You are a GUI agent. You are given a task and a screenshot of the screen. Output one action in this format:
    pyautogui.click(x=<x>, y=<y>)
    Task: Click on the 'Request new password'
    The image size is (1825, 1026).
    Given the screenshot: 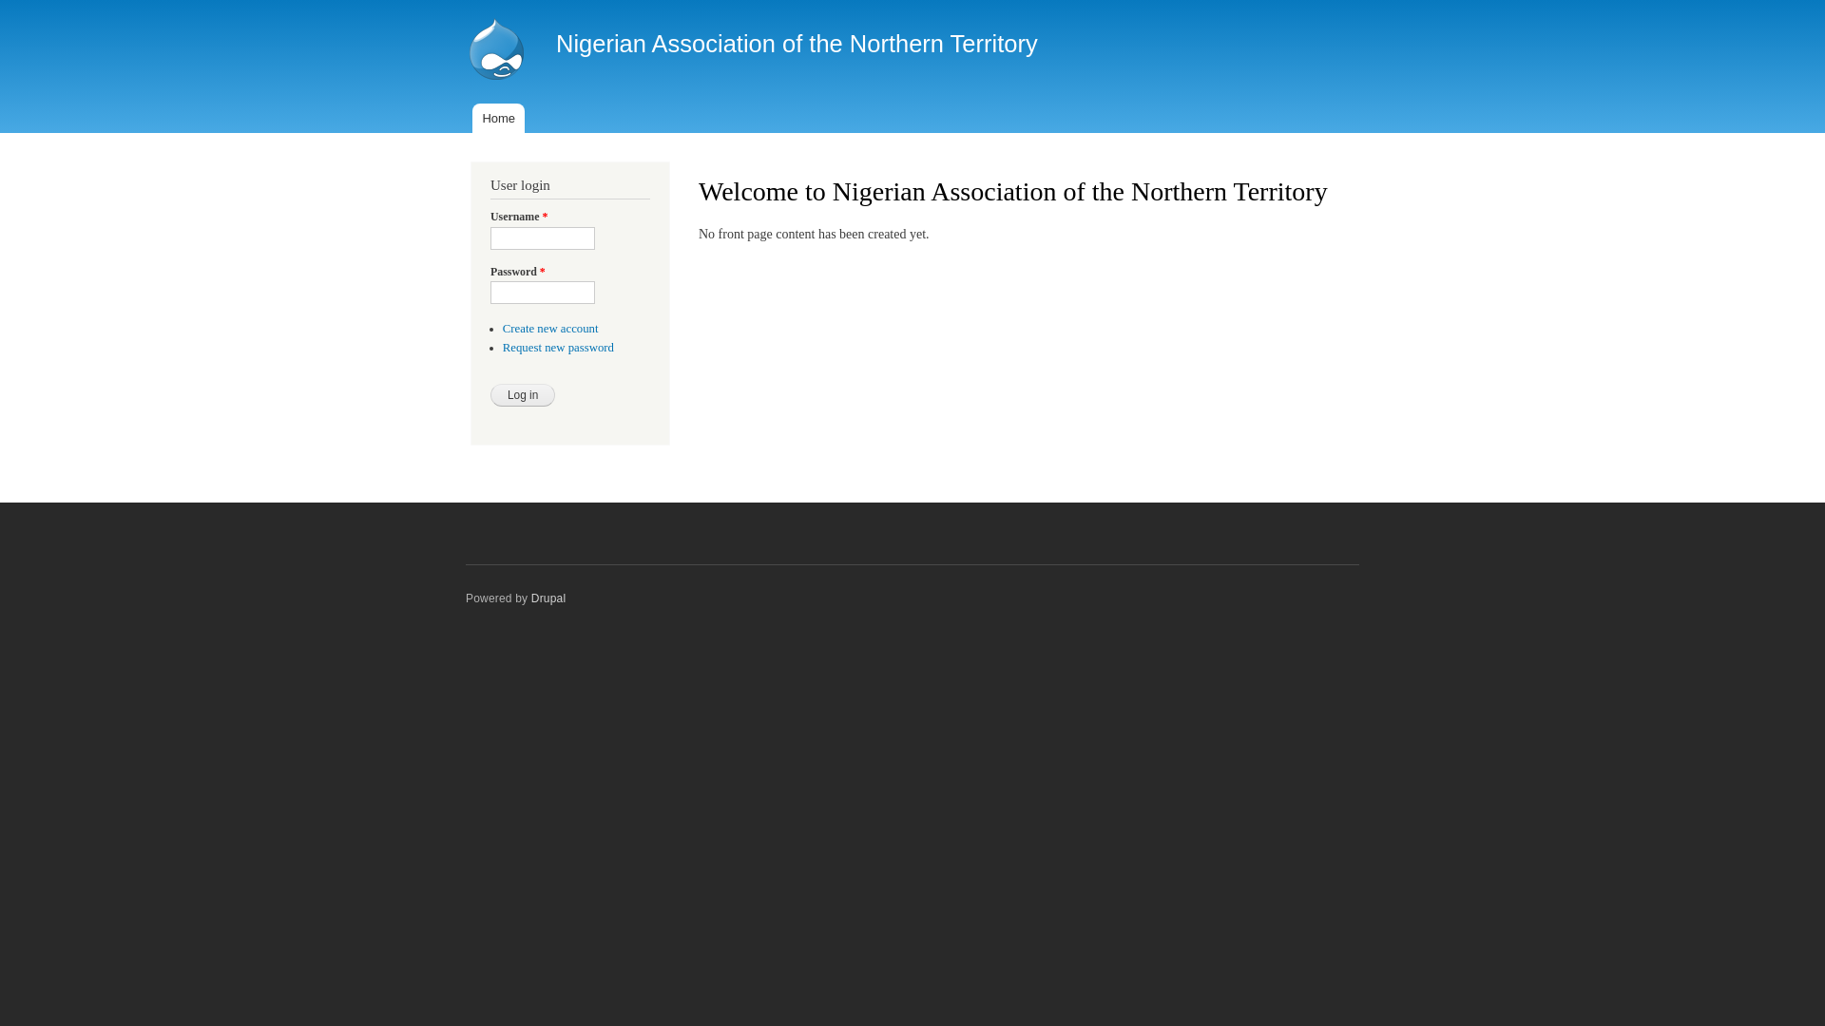 What is the action you would take?
    pyautogui.click(x=557, y=348)
    